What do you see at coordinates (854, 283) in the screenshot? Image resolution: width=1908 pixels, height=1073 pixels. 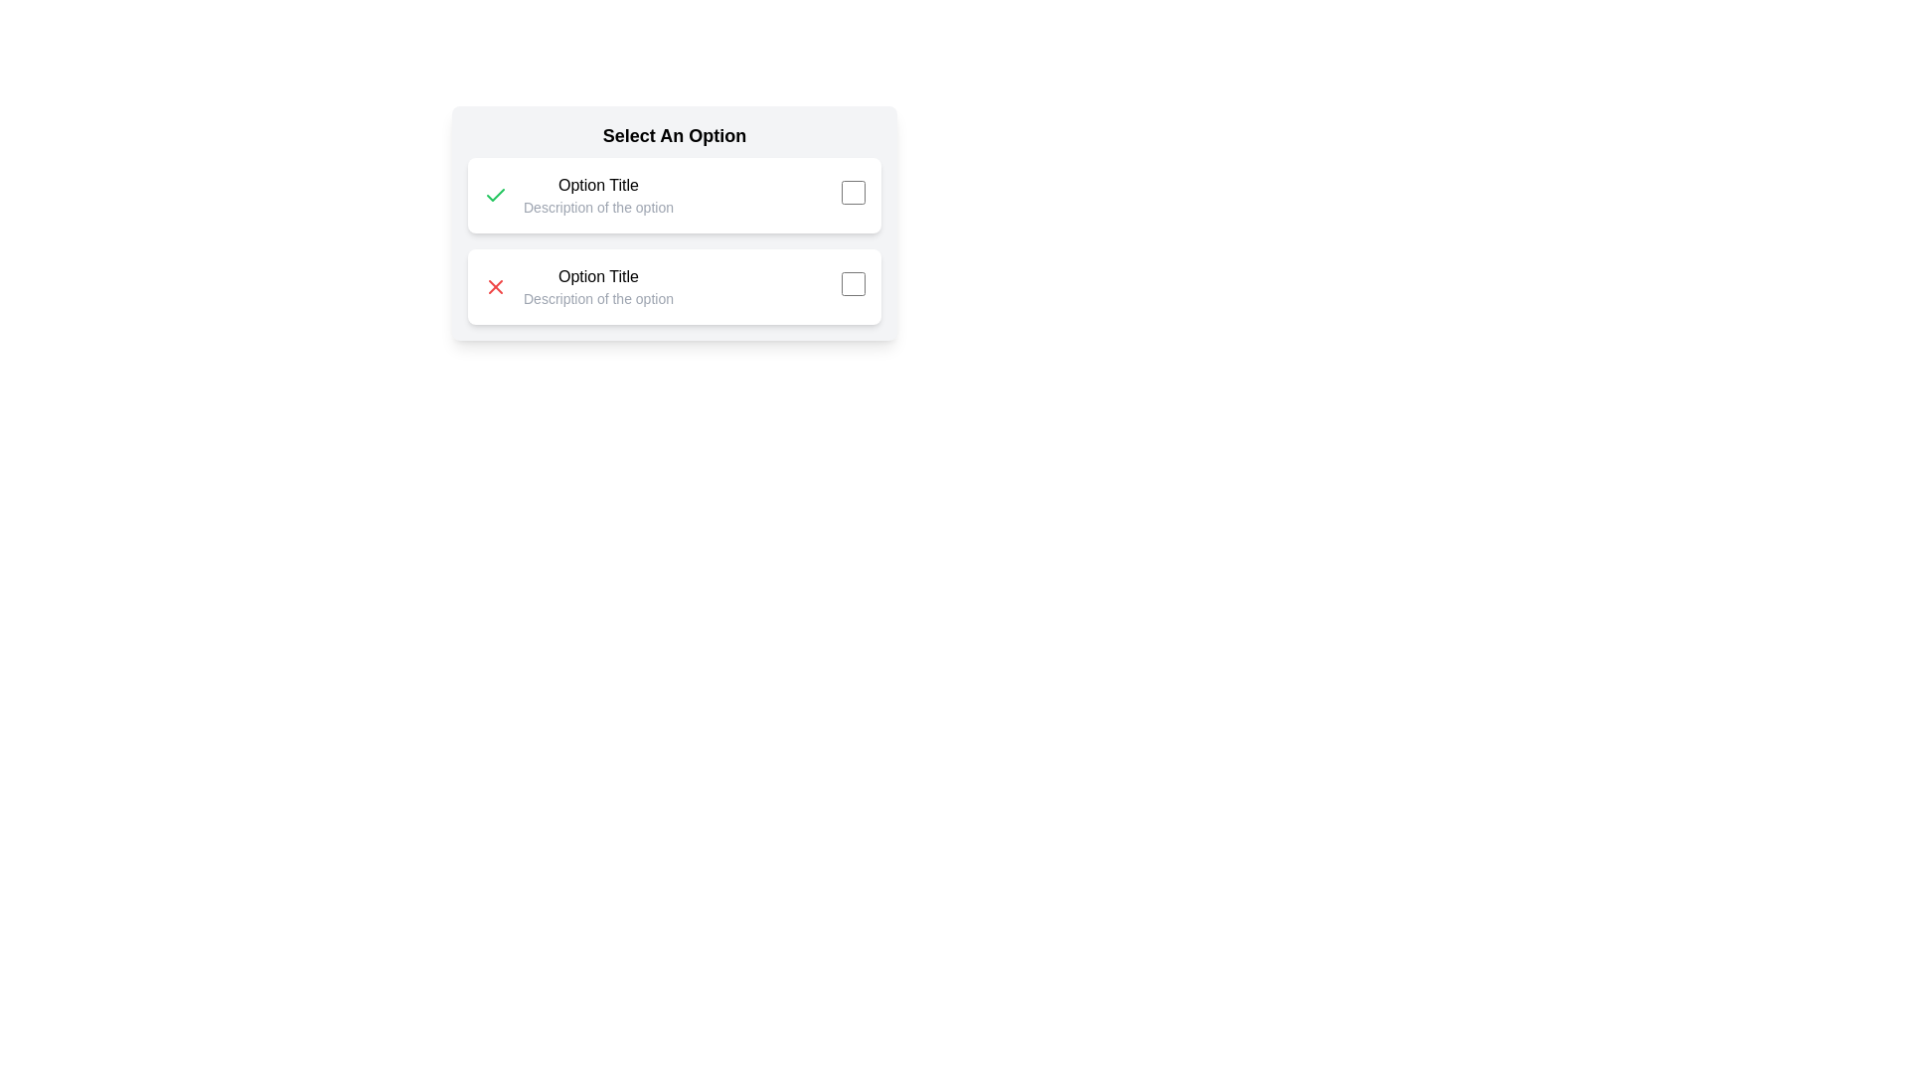 I see `the checkbox located in the second option row of the list, near the end` at bounding box center [854, 283].